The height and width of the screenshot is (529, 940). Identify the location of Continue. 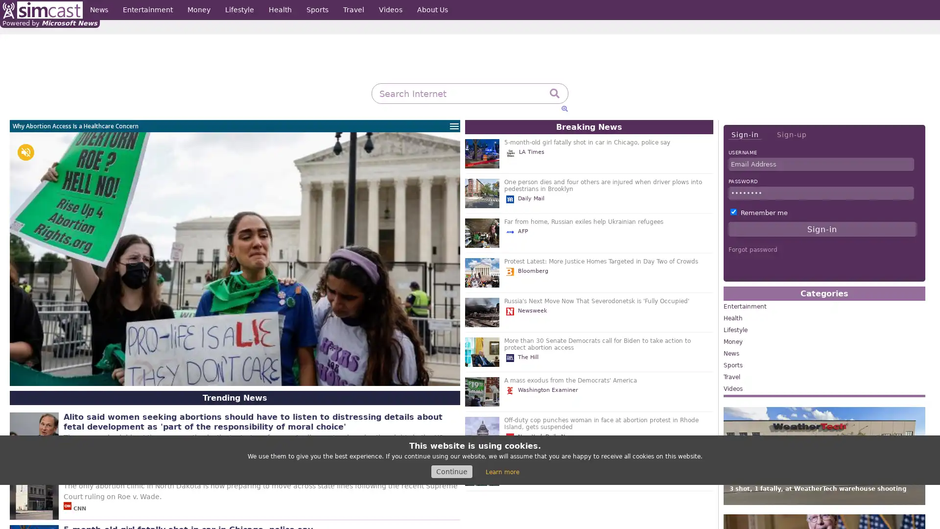
(451, 471).